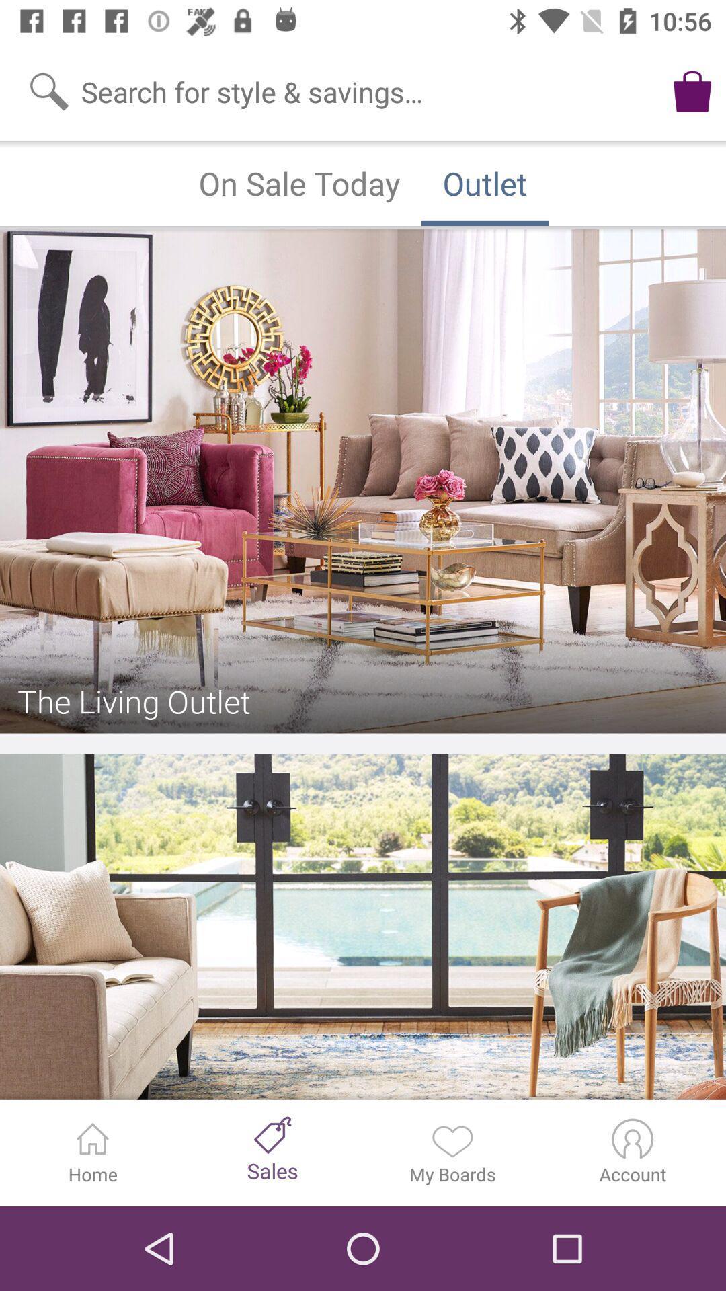 This screenshot has width=726, height=1291. What do you see at coordinates (272, 1134) in the screenshot?
I see `the icon above sales` at bounding box center [272, 1134].